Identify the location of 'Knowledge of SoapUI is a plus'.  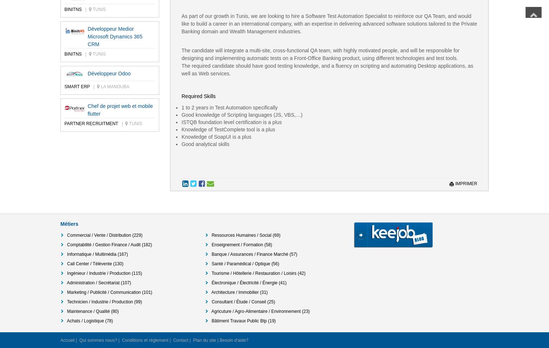
(181, 137).